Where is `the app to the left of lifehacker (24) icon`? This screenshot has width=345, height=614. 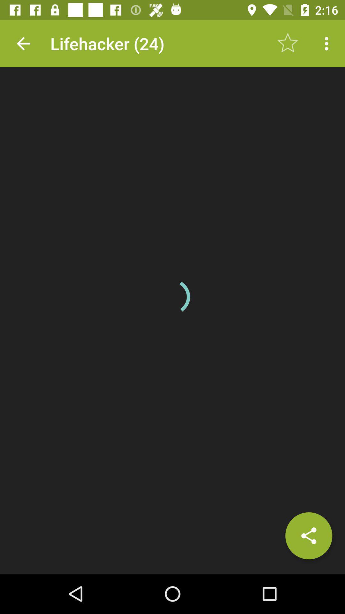
the app to the left of lifehacker (24) icon is located at coordinates (23, 43).